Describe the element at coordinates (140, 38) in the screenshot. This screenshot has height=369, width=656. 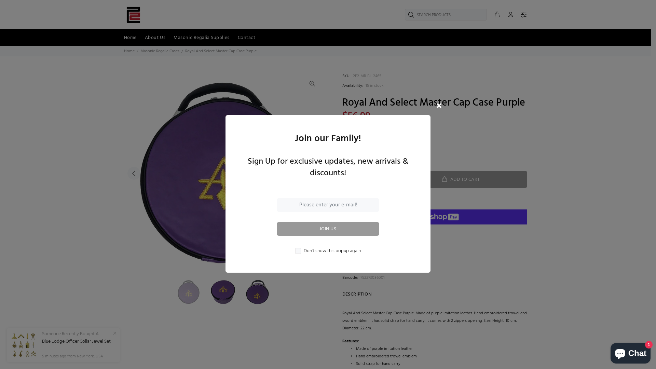
I see `'About Us'` at that location.